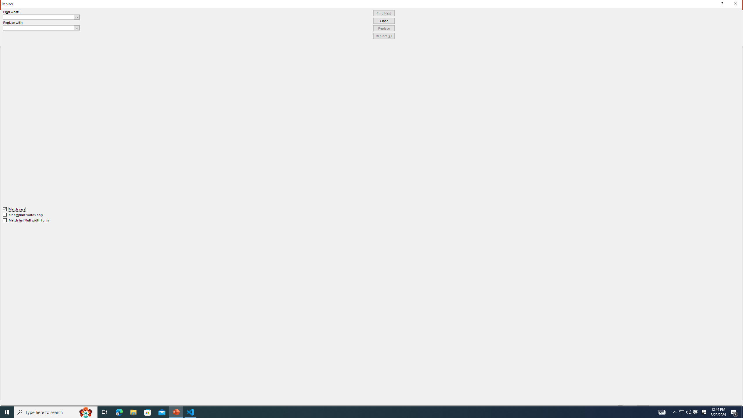  I want to click on 'Replace All', so click(384, 35).